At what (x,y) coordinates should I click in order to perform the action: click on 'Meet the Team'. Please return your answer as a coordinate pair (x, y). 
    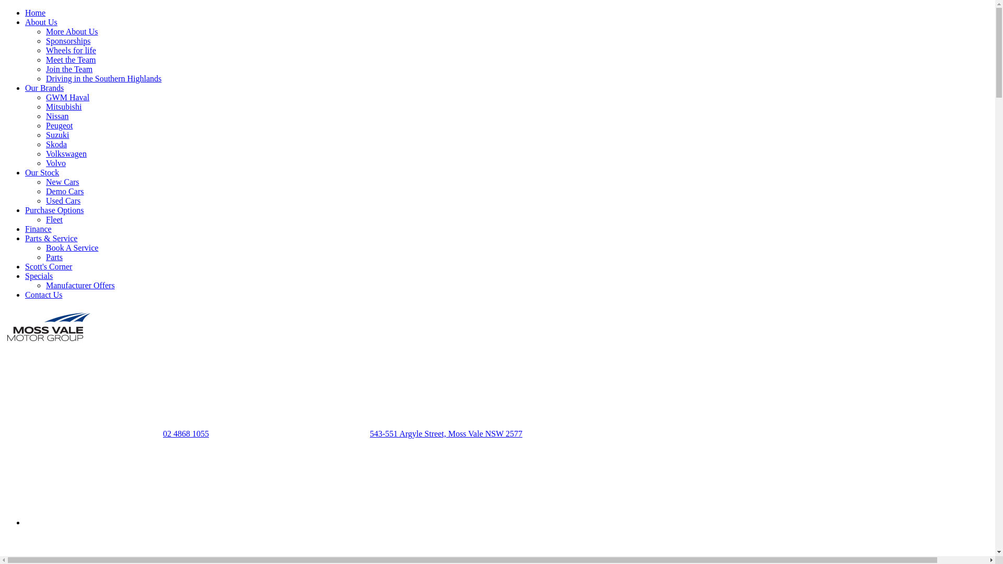
    Looking at the image, I should click on (70, 60).